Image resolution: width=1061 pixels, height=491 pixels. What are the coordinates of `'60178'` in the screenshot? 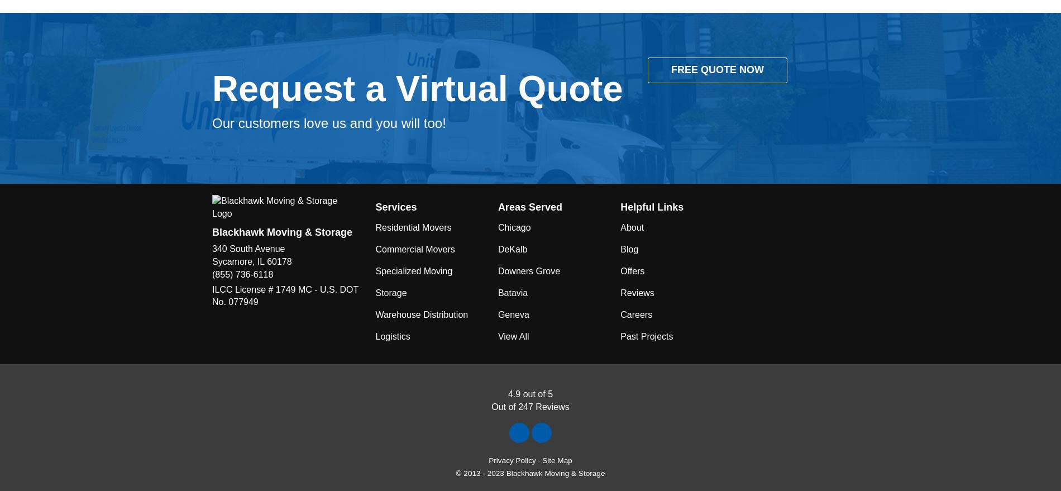 It's located at (267, 261).